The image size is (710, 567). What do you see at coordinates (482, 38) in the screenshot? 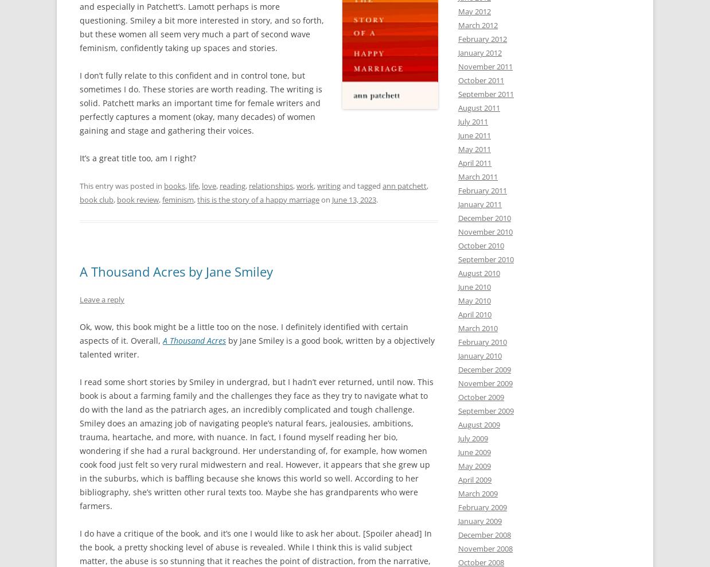
I see `'February 2012'` at bounding box center [482, 38].